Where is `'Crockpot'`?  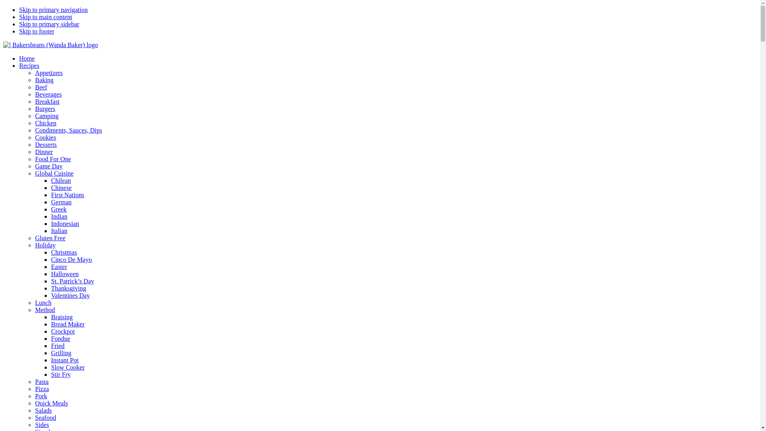
'Crockpot' is located at coordinates (51, 331).